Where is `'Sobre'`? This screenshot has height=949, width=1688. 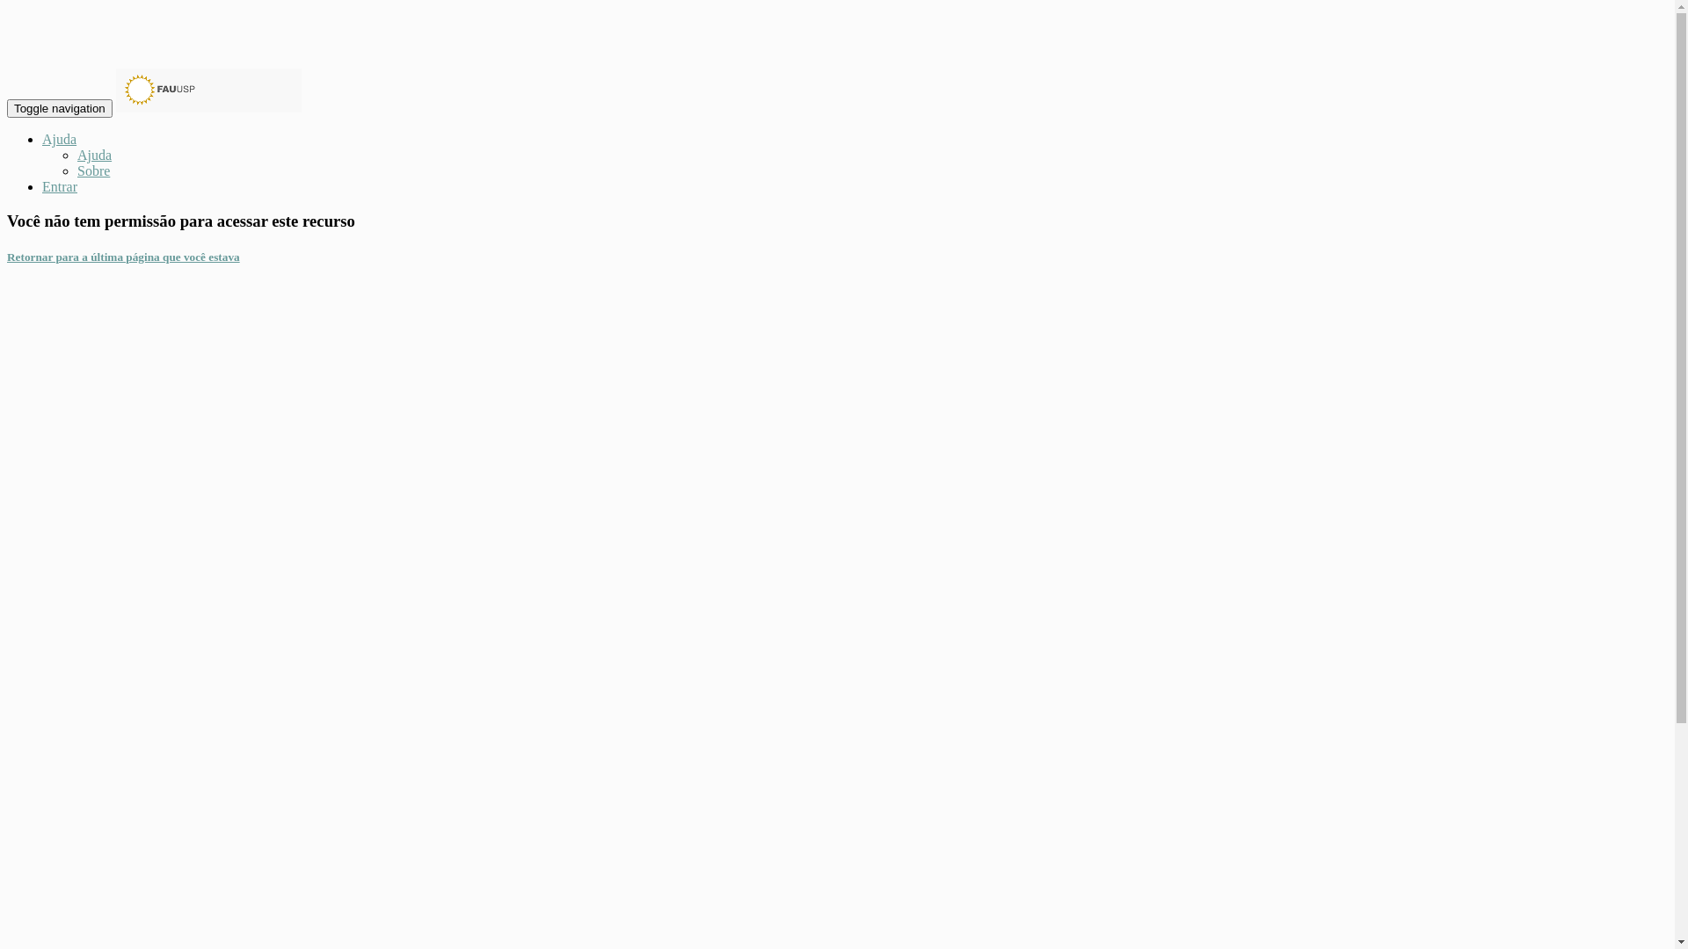
'Sobre' is located at coordinates (92, 170).